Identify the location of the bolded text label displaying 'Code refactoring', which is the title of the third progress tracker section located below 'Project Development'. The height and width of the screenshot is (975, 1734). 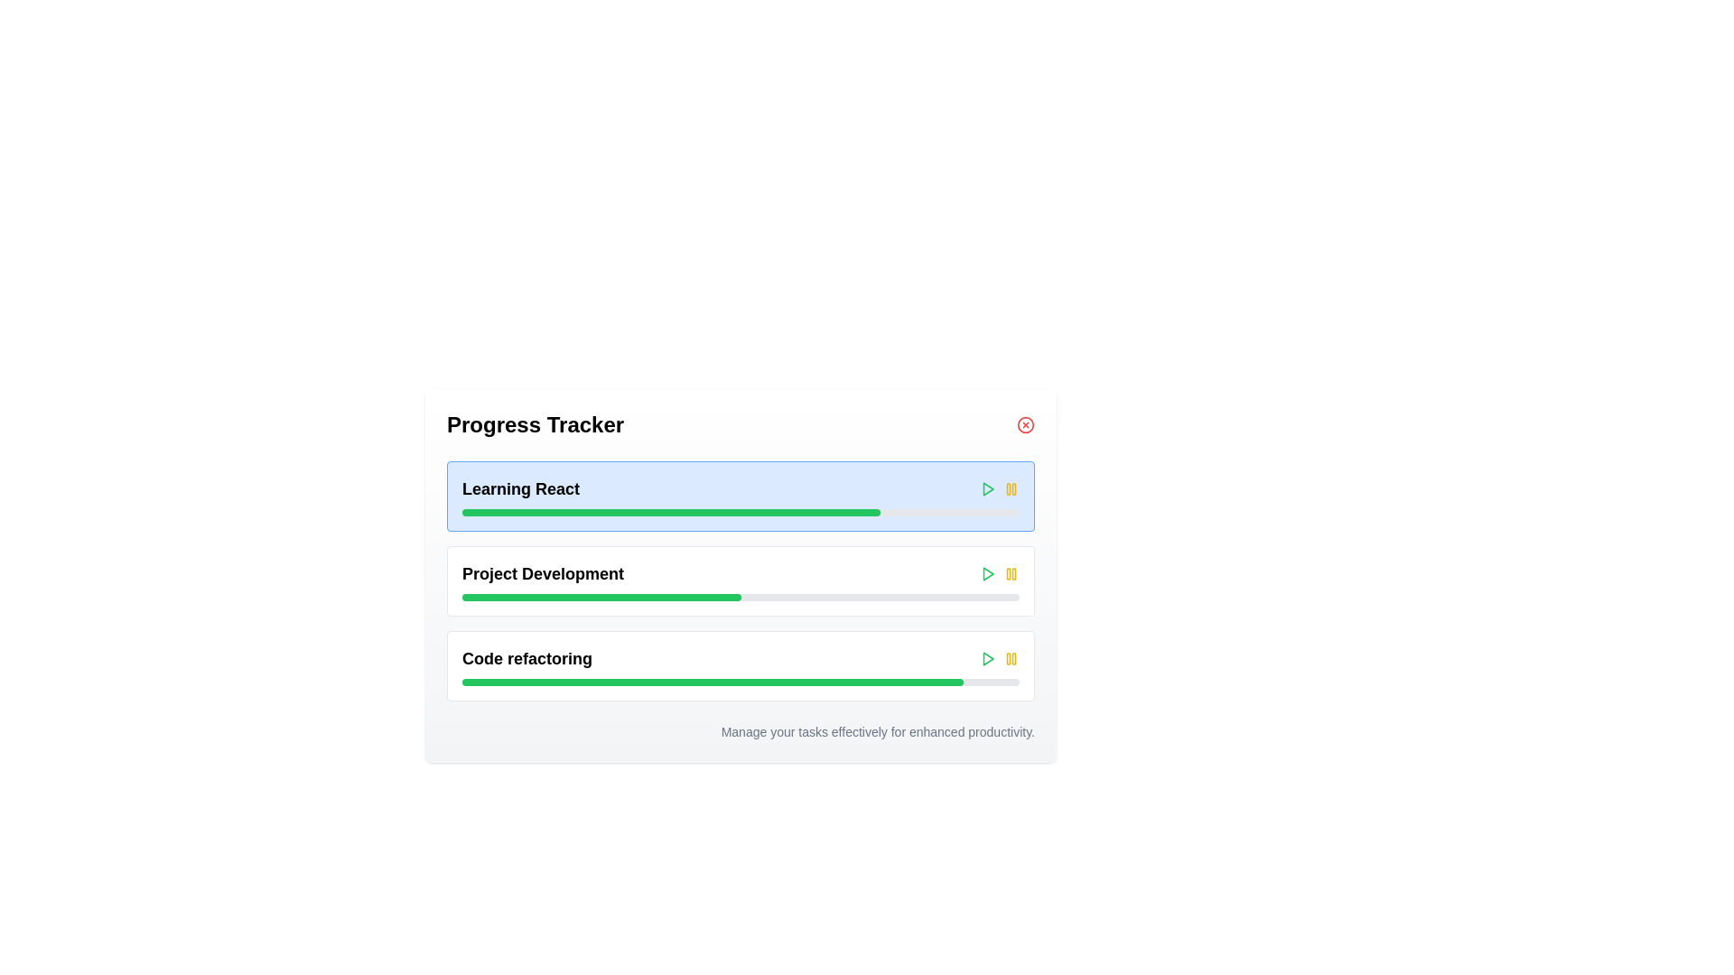
(527, 658).